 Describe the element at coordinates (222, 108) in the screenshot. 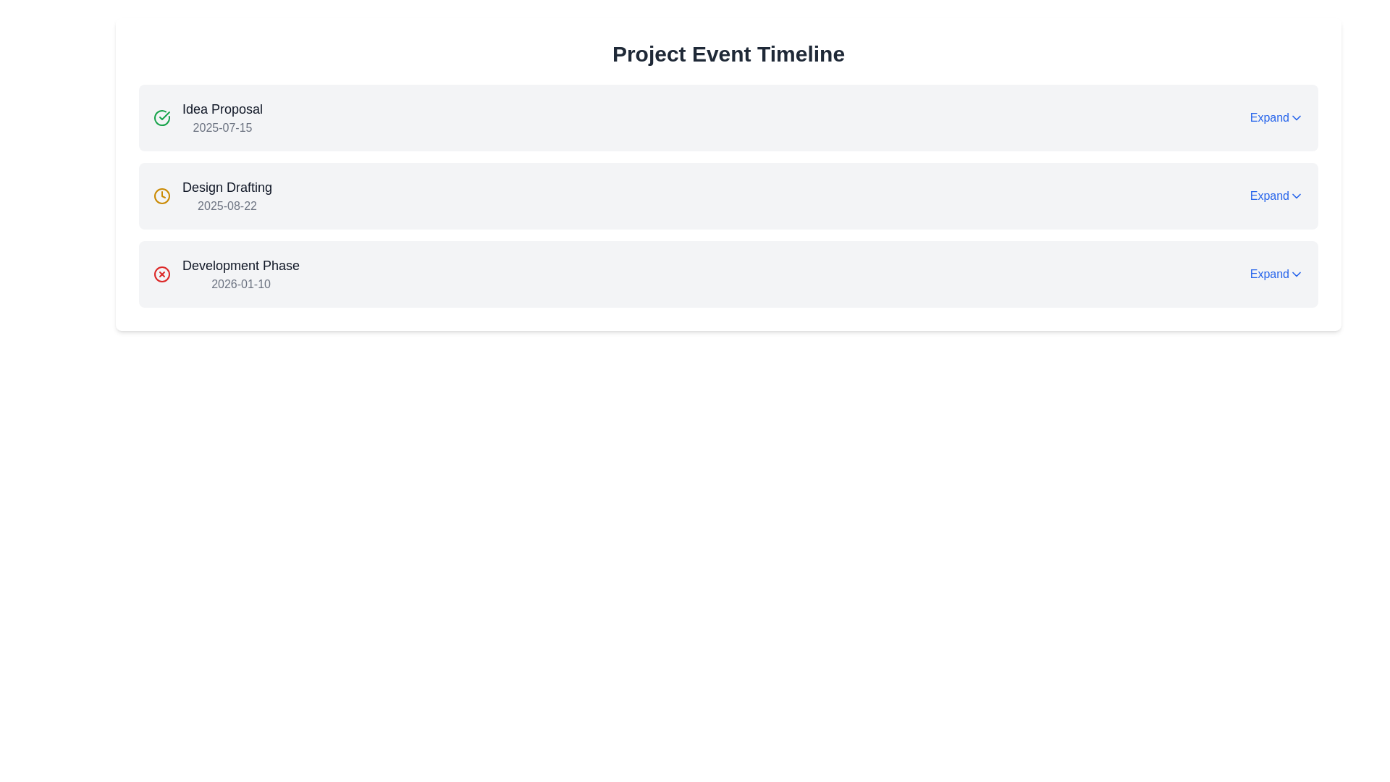

I see `'Idea Proposal' header text element located at the top of the vertical timeline, adjacent to a green check icon, for styling or textual details` at that location.